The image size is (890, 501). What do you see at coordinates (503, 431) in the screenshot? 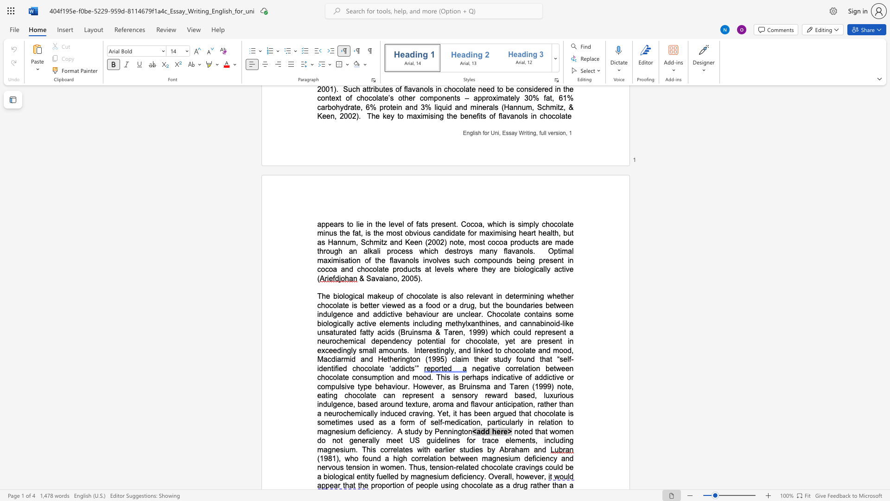
I see `the subset text "e>" within the text "<add here>"` at bounding box center [503, 431].